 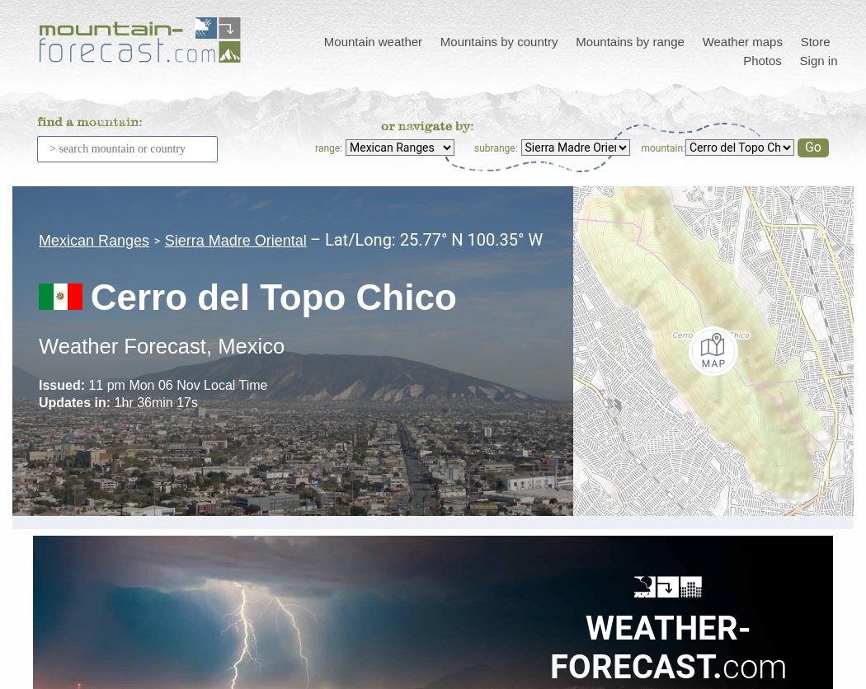 I want to click on 'Issued:', so click(x=60, y=385).